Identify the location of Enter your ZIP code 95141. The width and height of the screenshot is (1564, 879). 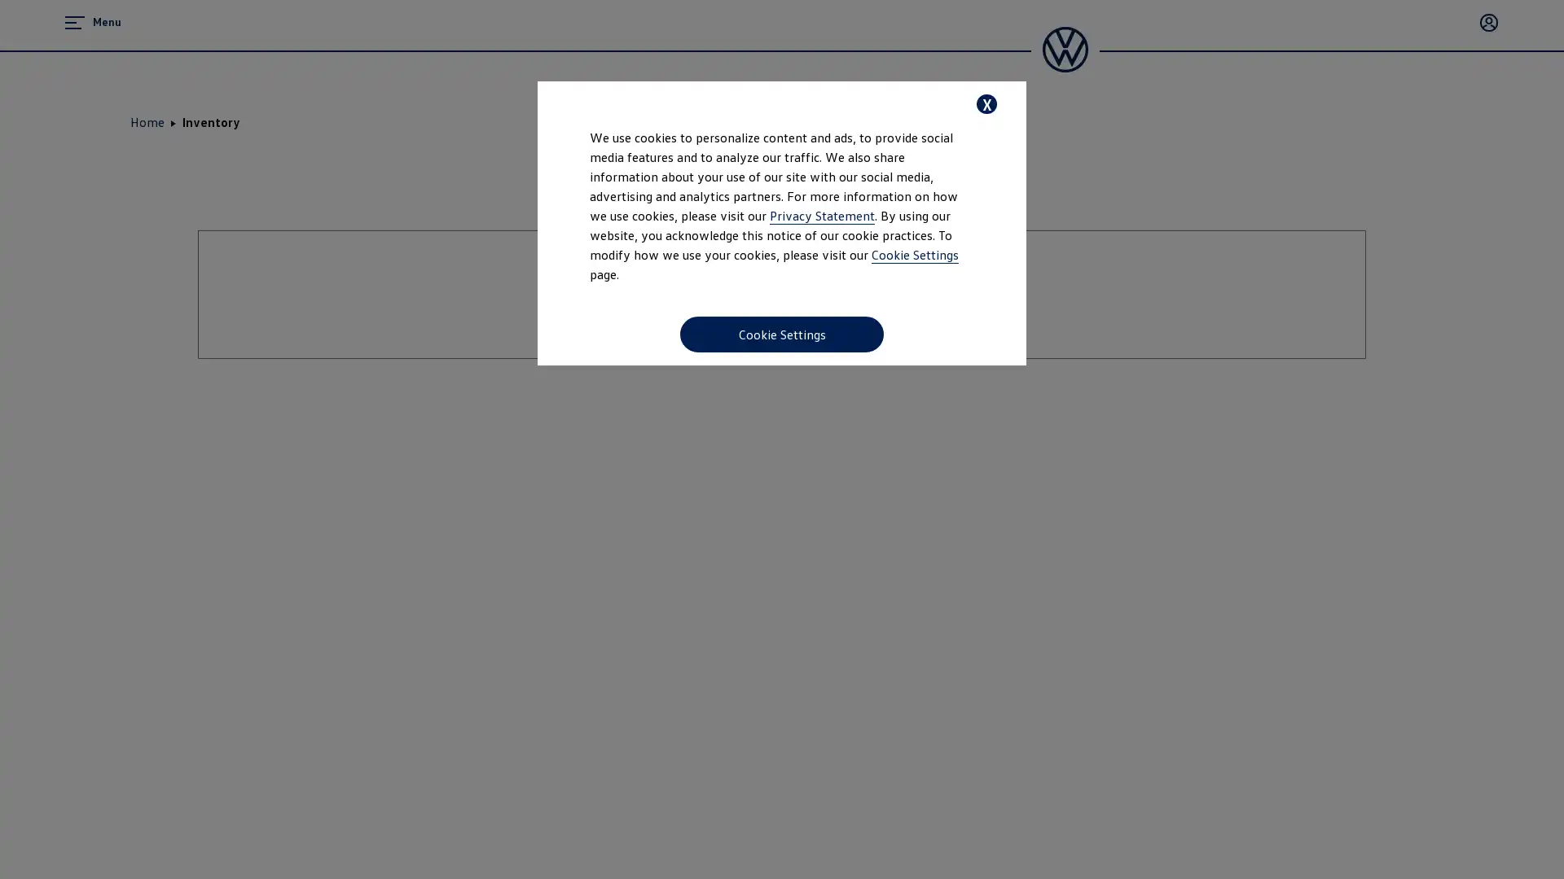
(902, 455).